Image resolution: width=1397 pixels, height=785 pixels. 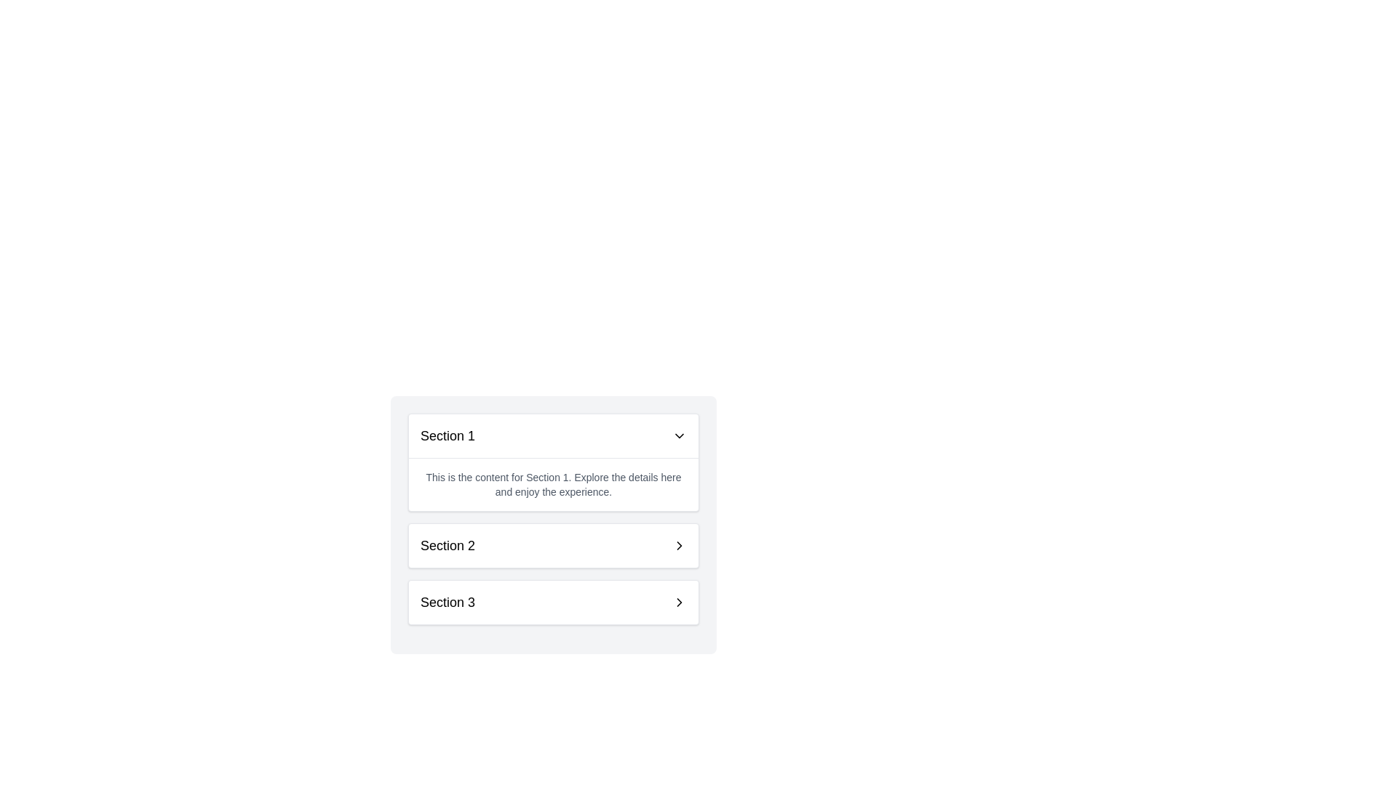 I want to click on the chevron icon located at the far right of 'Section 3', so click(x=679, y=603).